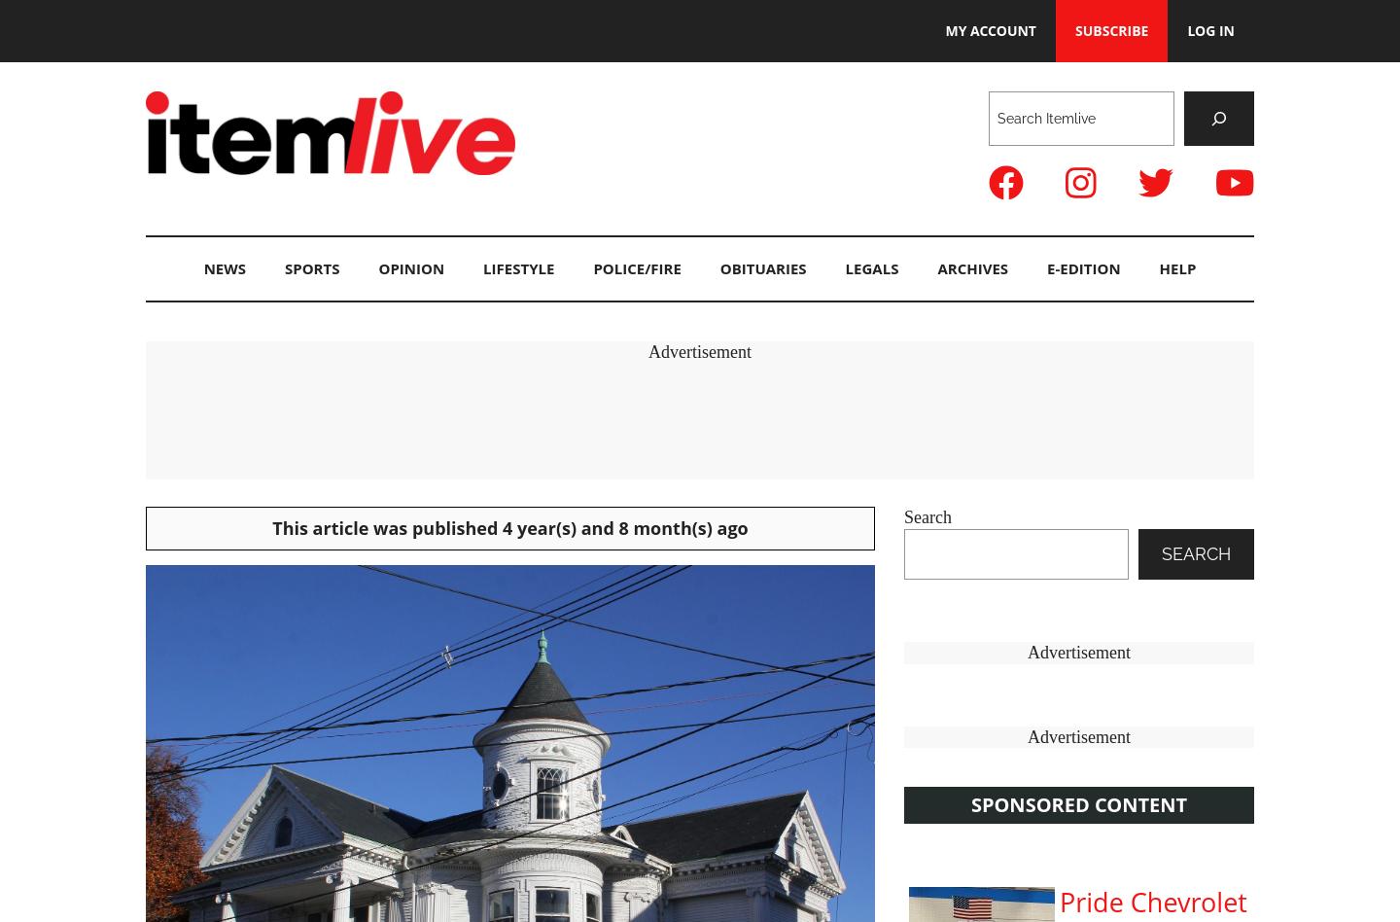 This screenshot has height=922, width=1400. What do you see at coordinates (224, 267) in the screenshot?
I see `'News'` at bounding box center [224, 267].